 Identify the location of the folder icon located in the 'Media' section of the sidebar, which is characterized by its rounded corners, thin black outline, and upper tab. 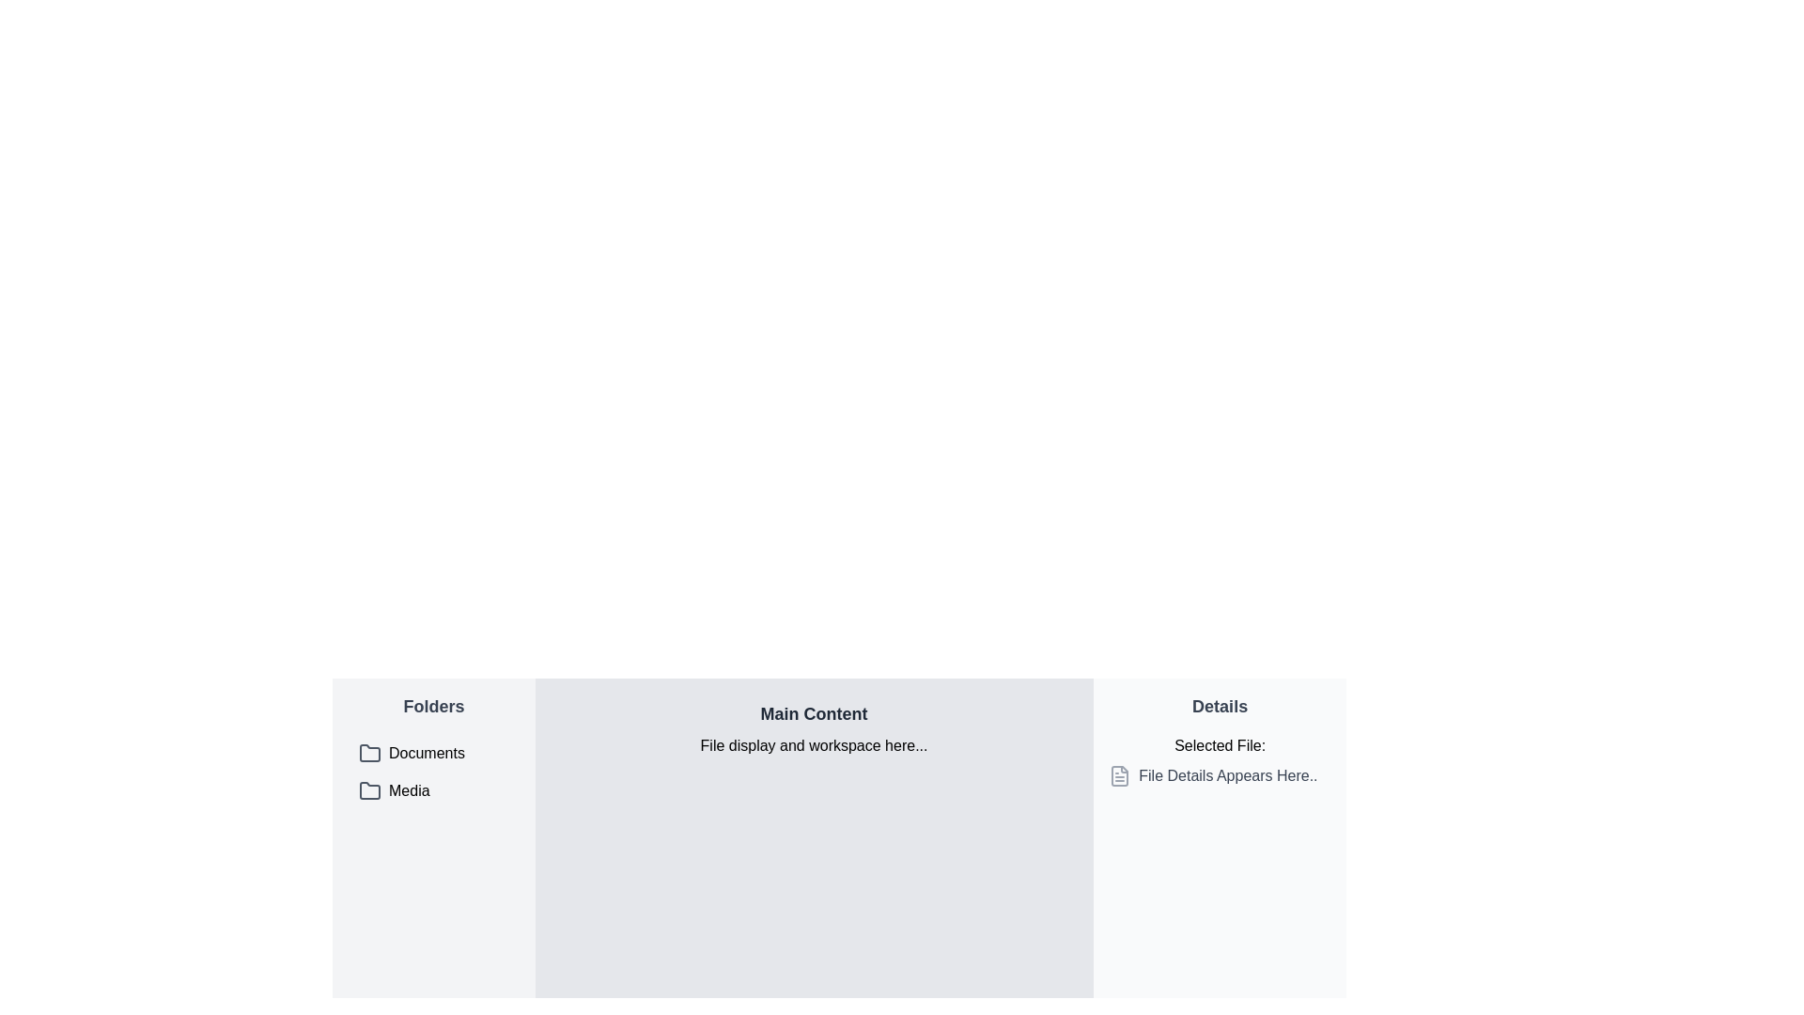
(369, 790).